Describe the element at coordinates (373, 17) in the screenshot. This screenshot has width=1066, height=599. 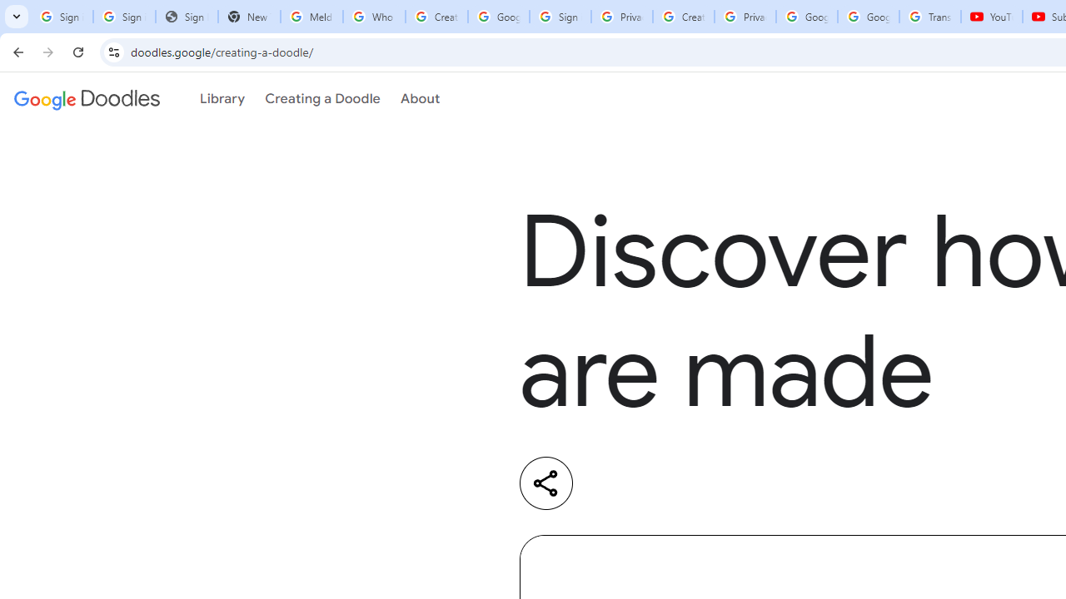
I see `'Who is my administrator? - Google Account Help'` at that location.